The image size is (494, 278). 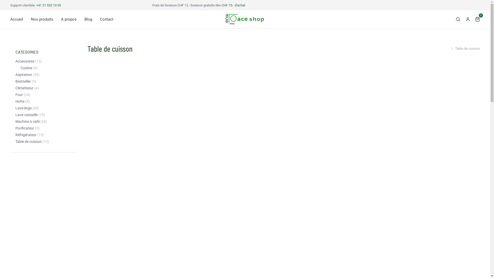 What do you see at coordinates (26, 115) in the screenshot?
I see `'Lave-vaisselle'` at bounding box center [26, 115].